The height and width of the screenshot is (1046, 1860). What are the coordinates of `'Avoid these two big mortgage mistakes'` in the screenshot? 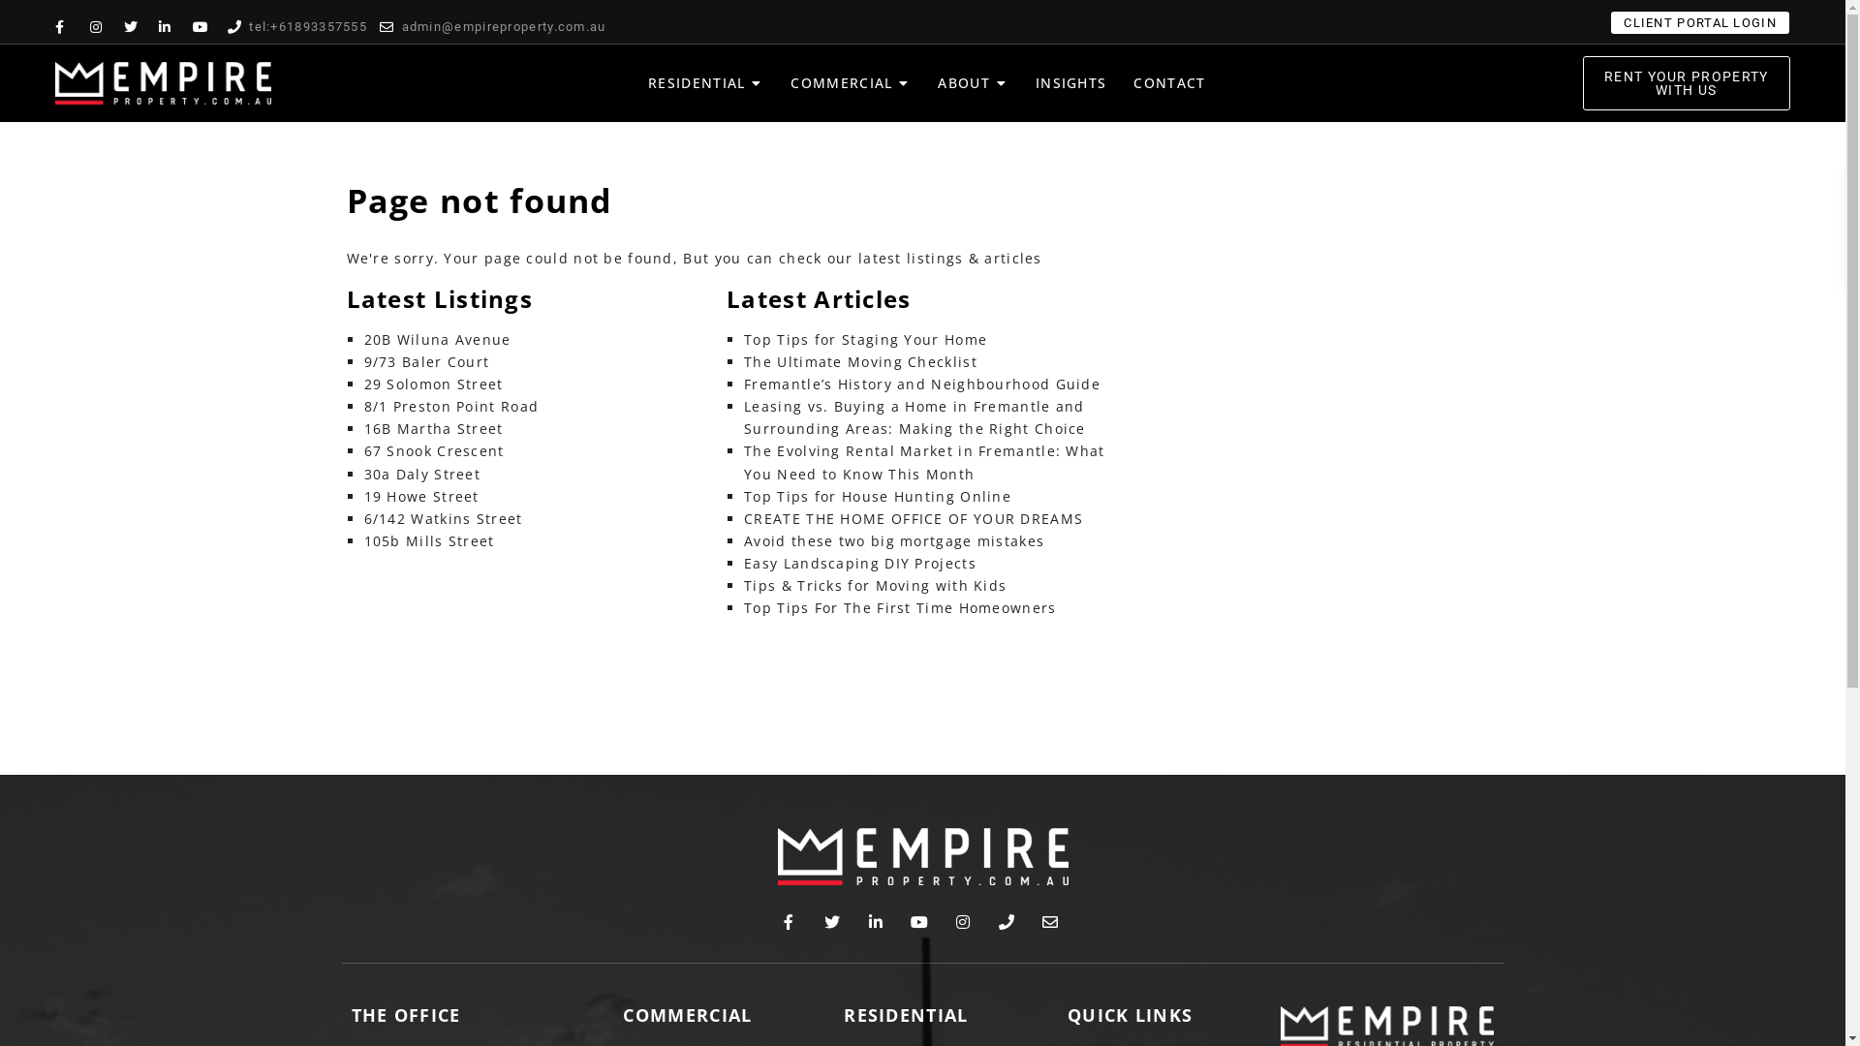 It's located at (892, 540).